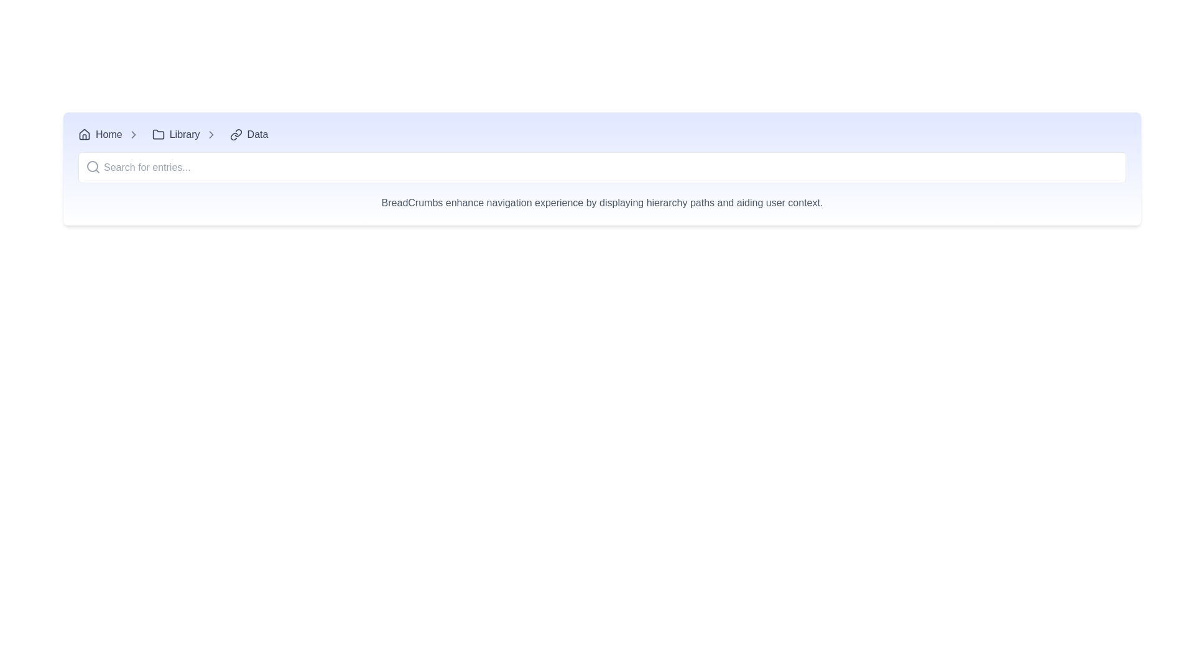  What do you see at coordinates (157, 134) in the screenshot?
I see `the folder icon representing the Library section in the breadcrumb navigation bar, located between the Home and Library labels` at bounding box center [157, 134].